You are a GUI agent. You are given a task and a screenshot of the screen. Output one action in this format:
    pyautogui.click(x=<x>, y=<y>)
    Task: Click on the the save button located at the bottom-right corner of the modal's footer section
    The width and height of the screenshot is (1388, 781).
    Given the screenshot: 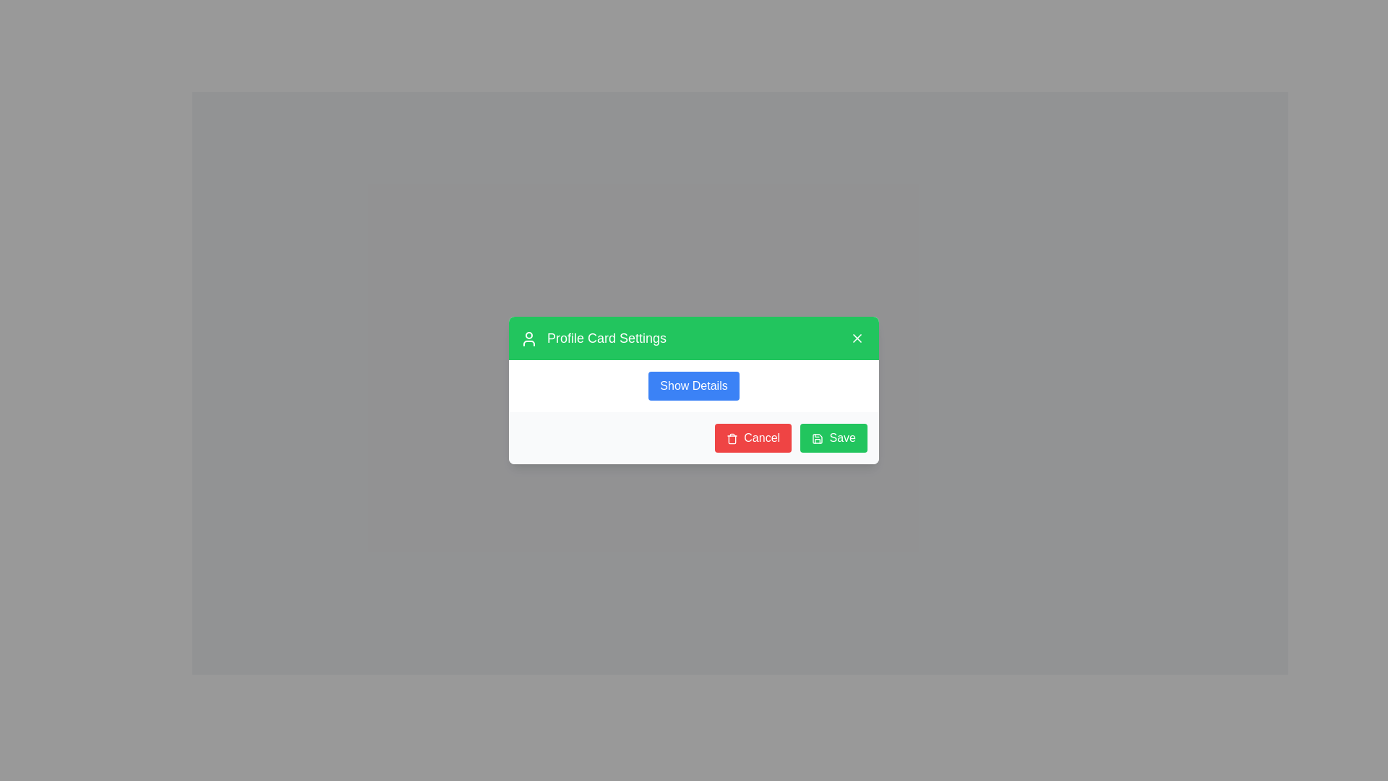 What is the action you would take?
    pyautogui.click(x=834, y=437)
    